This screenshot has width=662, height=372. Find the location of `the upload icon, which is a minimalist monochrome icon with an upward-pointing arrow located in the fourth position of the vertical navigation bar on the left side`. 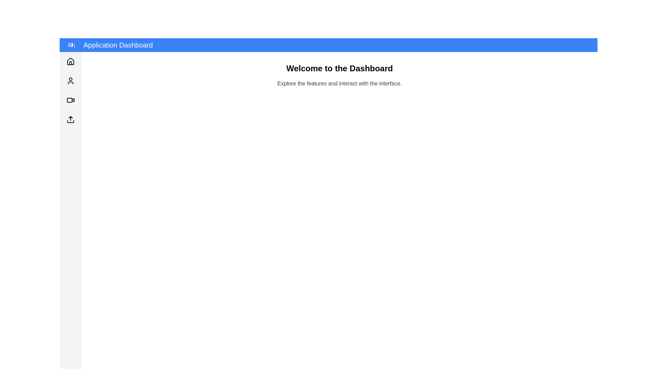

the upload icon, which is a minimalist monochrome icon with an upward-pointing arrow located in the fourth position of the vertical navigation bar on the left side is located at coordinates (71, 119).